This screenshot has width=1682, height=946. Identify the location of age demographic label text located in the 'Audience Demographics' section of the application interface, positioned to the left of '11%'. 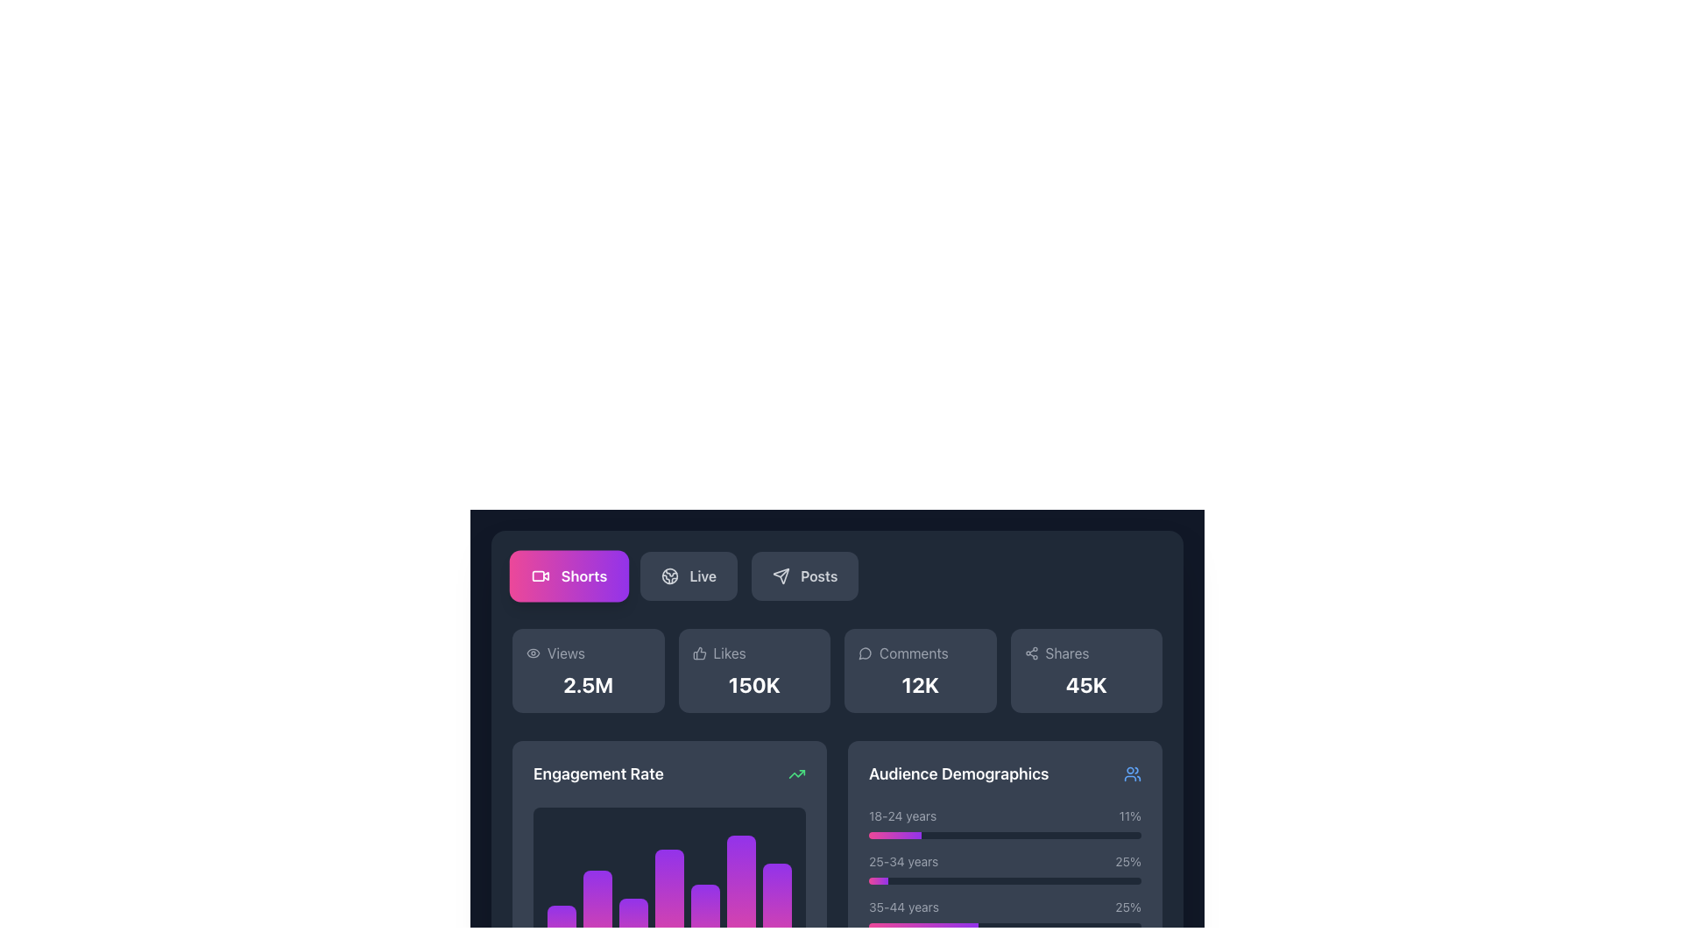
(902, 816).